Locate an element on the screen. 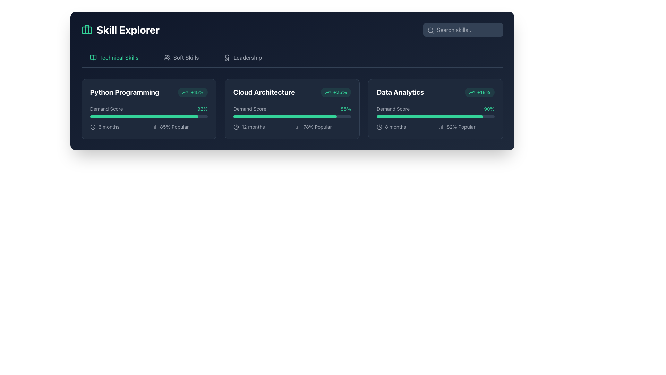  the Informational group displaying '12 months' and '78% Popular' within the 'Cloud Architecture' card under 'Technical Skills' is located at coordinates (292, 127).